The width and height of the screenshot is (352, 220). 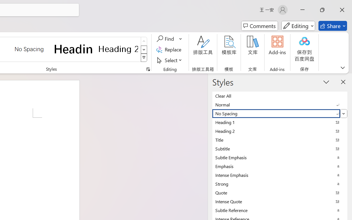 What do you see at coordinates (170, 60) in the screenshot?
I see `'Select'` at bounding box center [170, 60].